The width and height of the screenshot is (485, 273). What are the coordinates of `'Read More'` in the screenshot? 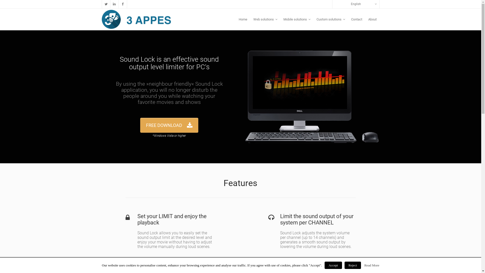 It's located at (364, 265).